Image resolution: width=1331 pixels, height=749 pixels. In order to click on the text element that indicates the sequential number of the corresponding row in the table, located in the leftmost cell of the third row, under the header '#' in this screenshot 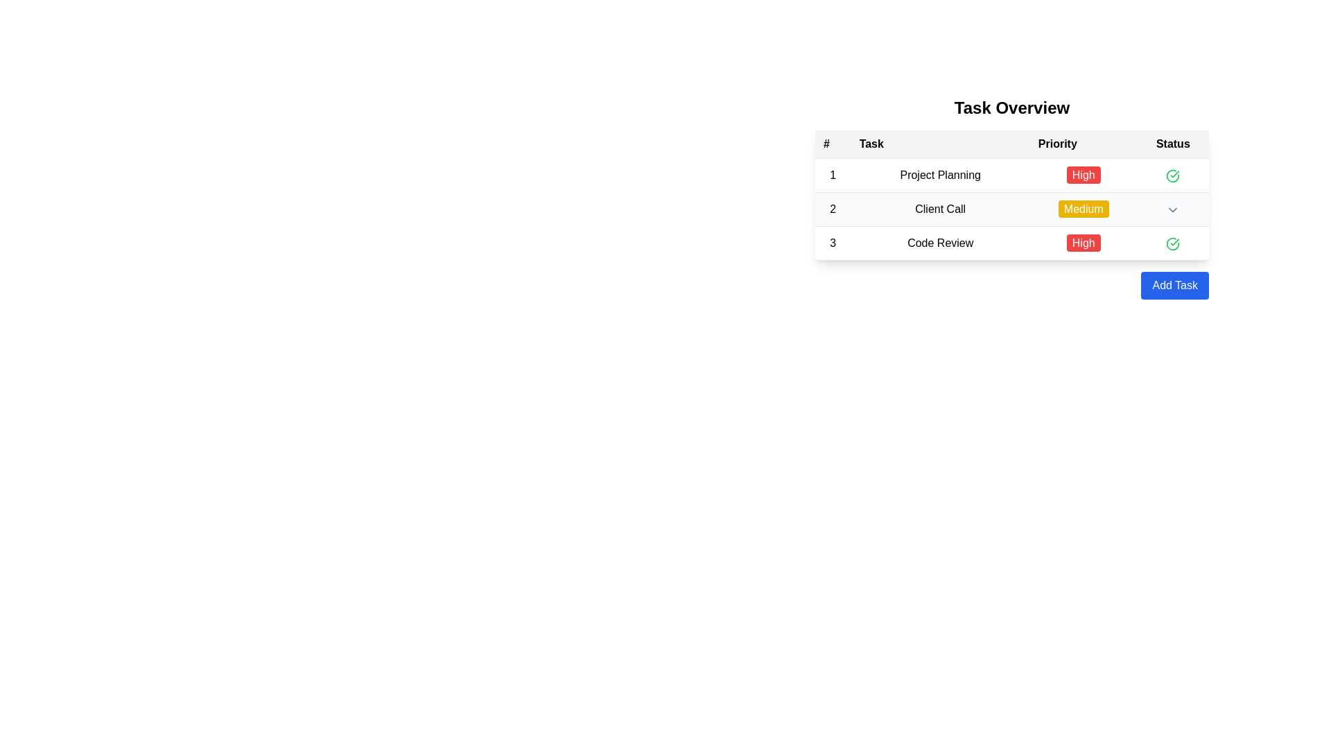, I will do `click(832, 243)`.